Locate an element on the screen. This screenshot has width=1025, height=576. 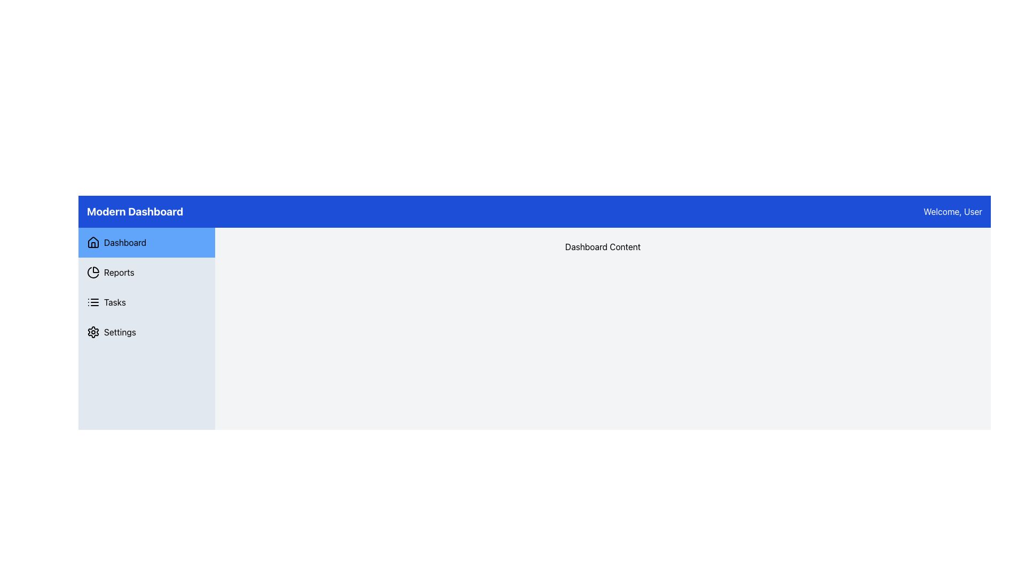
the 'Modern Dashboard' text label, which is bold, larger-than-standard, and white against a blue background, located at the far left of the top blue header bar is located at coordinates (135, 212).